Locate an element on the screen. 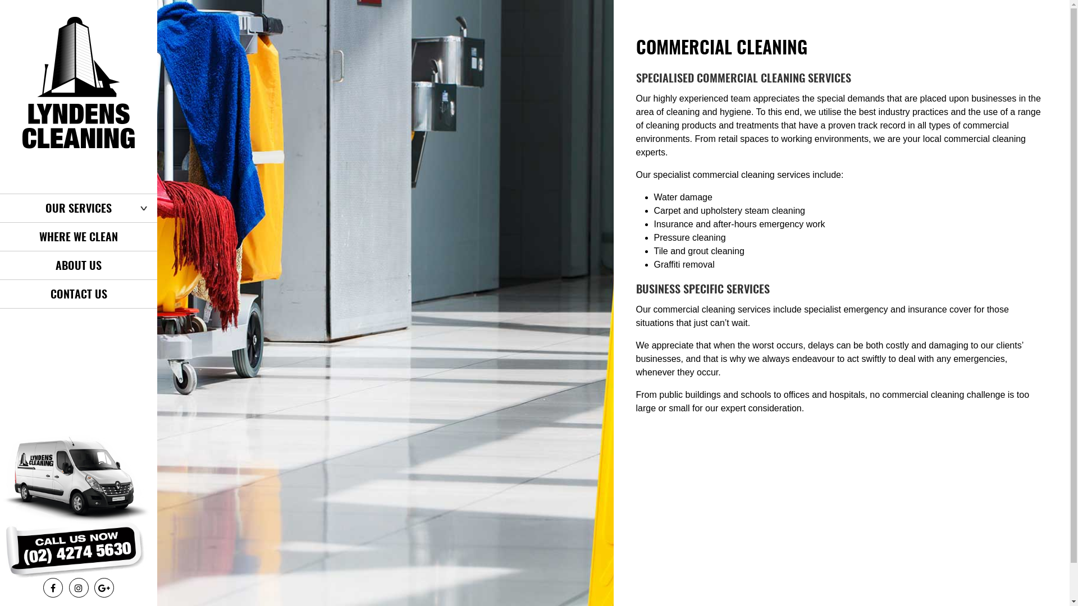 Image resolution: width=1078 pixels, height=606 pixels. 'CONTACT US' is located at coordinates (77, 293).